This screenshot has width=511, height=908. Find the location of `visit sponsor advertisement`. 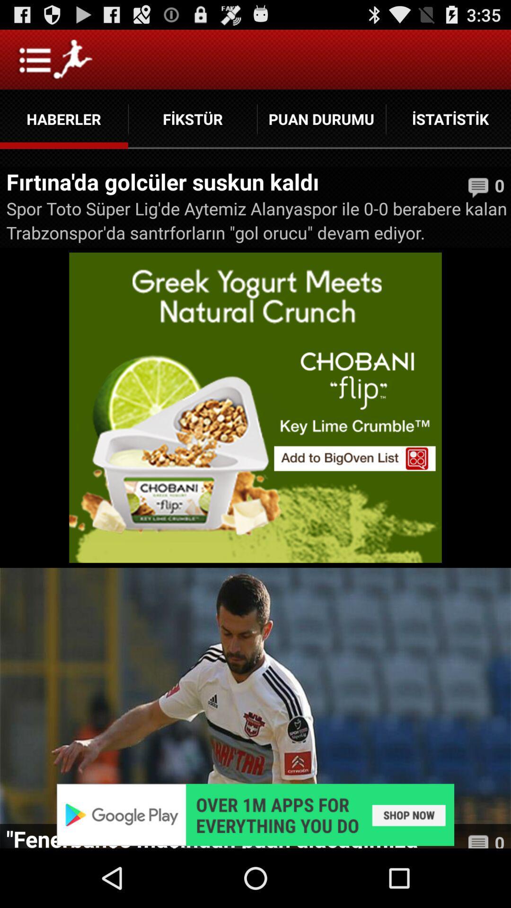

visit sponsor advertisement is located at coordinates (255, 814).